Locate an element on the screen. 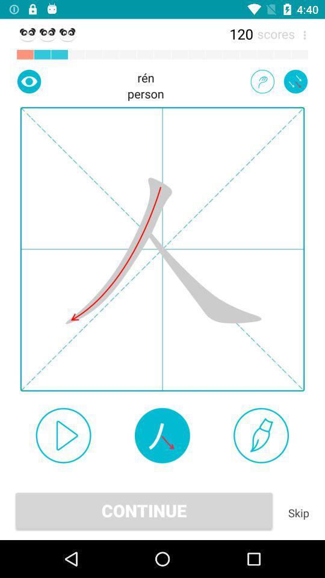 This screenshot has width=325, height=578. the skip icon is located at coordinates (298, 512).